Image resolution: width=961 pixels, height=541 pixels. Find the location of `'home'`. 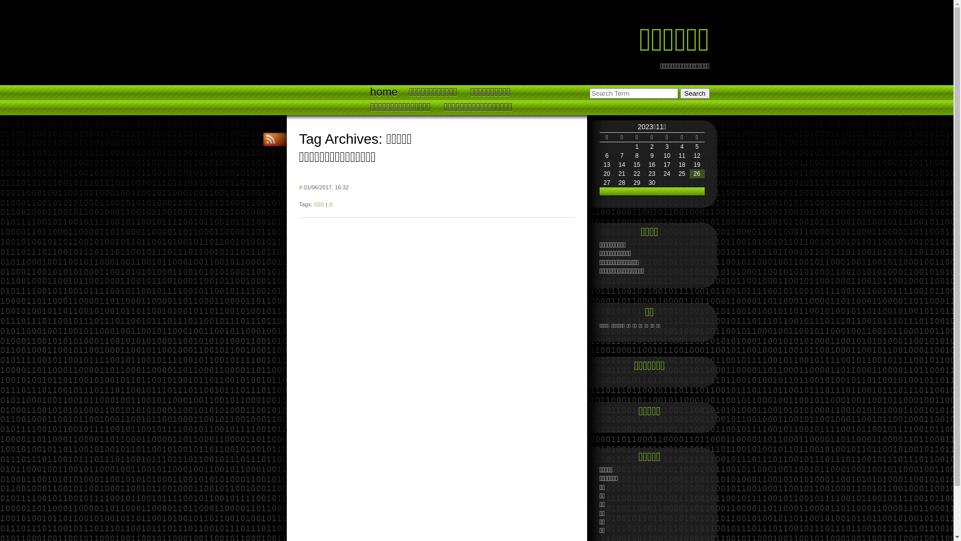

'home' is located at coordinates (367, 93).